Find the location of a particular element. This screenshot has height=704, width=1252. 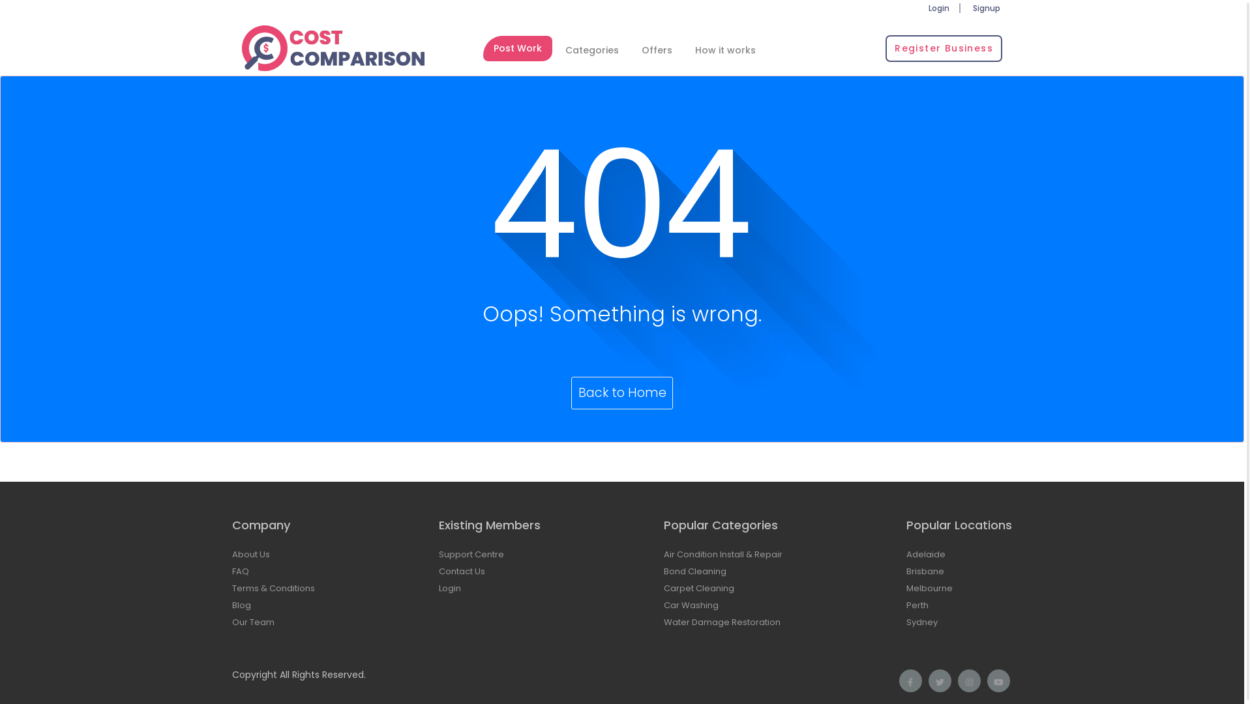

'Our Team' is located at coordinates (231, 621).